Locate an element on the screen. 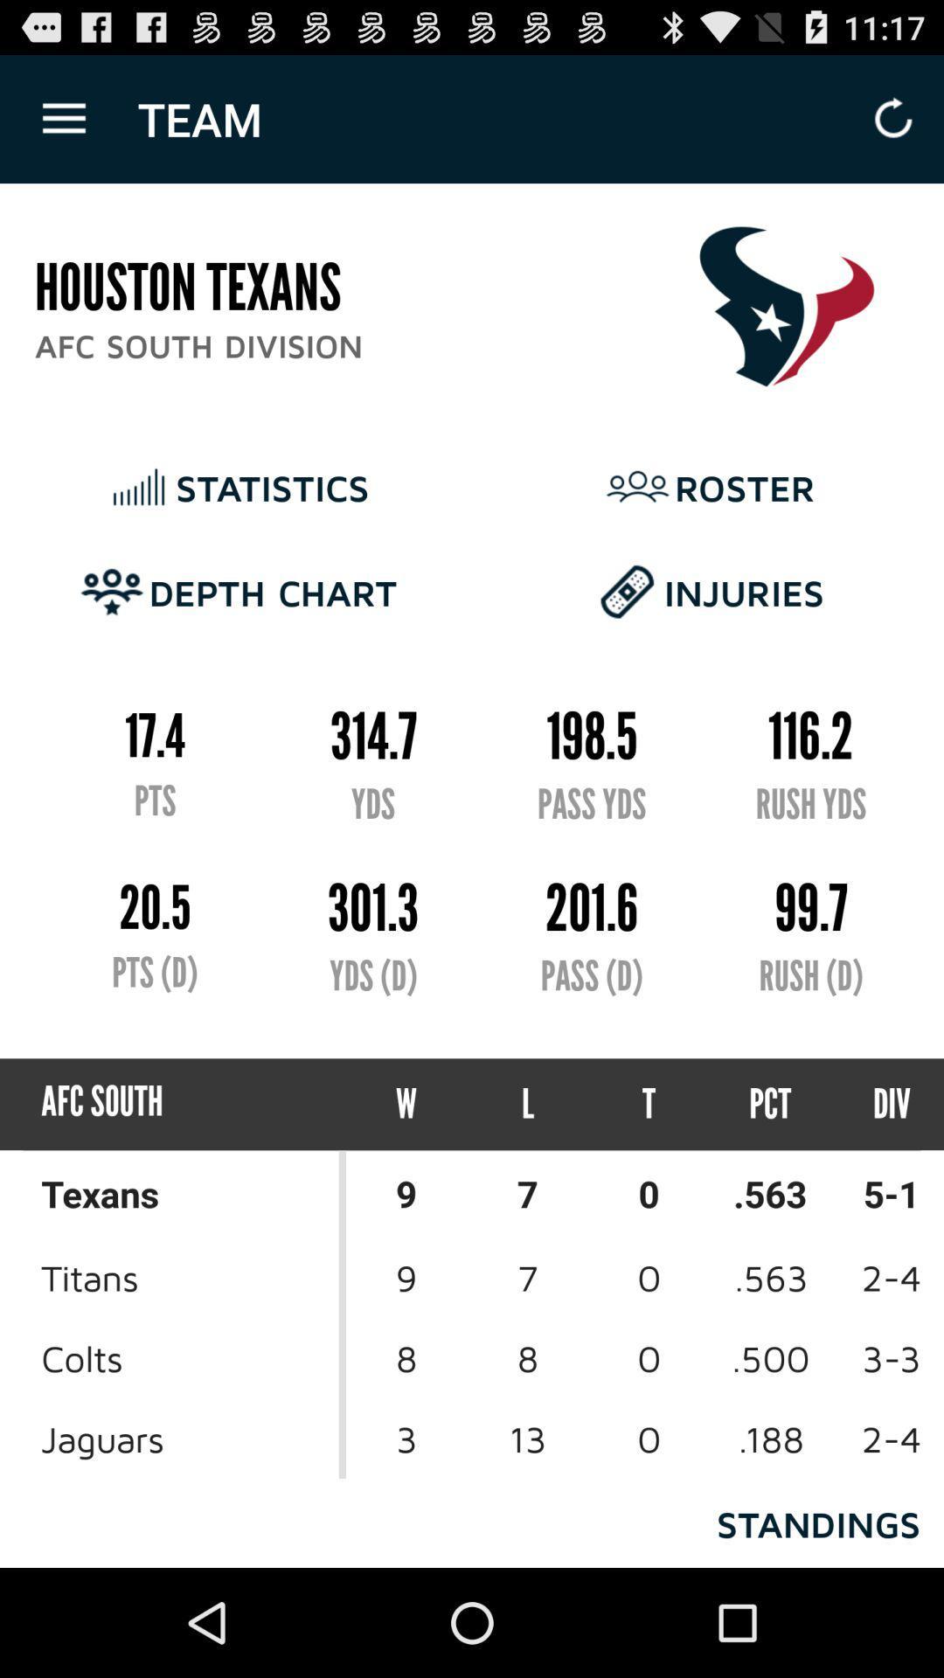 This screenshot has width=944, height=1678. item above 7 item is located at coordinates (649, 1103).